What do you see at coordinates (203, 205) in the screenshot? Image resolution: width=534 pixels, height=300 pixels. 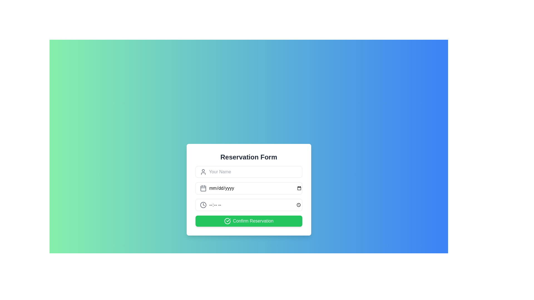 I see `the circular SVG element representing the clock icon in the fourth input field of the reservation form` at bounding box center [203, 205].